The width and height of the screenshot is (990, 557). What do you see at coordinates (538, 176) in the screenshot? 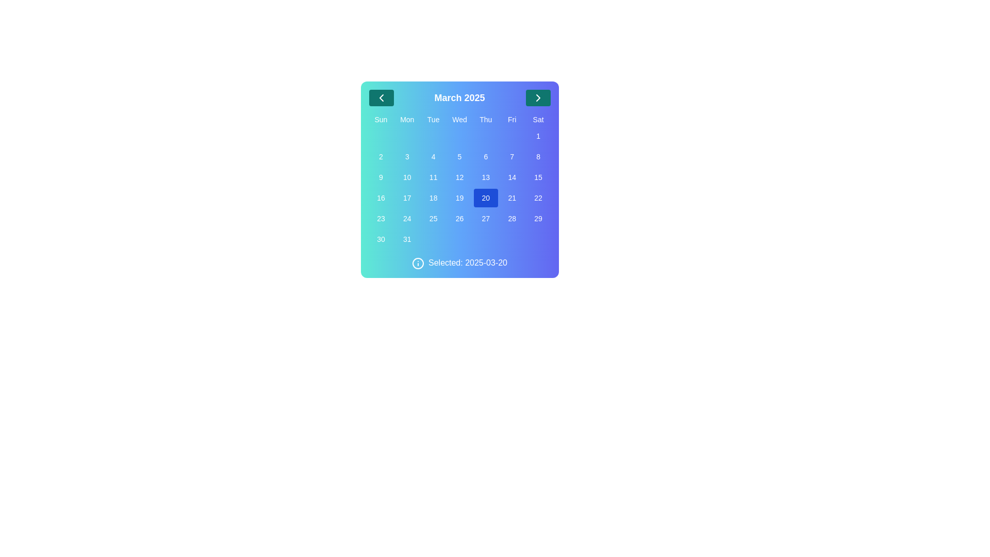
I see `the button labeled '15' in the last position of the third row of the calendar grid` at bounding box center [538, 176].